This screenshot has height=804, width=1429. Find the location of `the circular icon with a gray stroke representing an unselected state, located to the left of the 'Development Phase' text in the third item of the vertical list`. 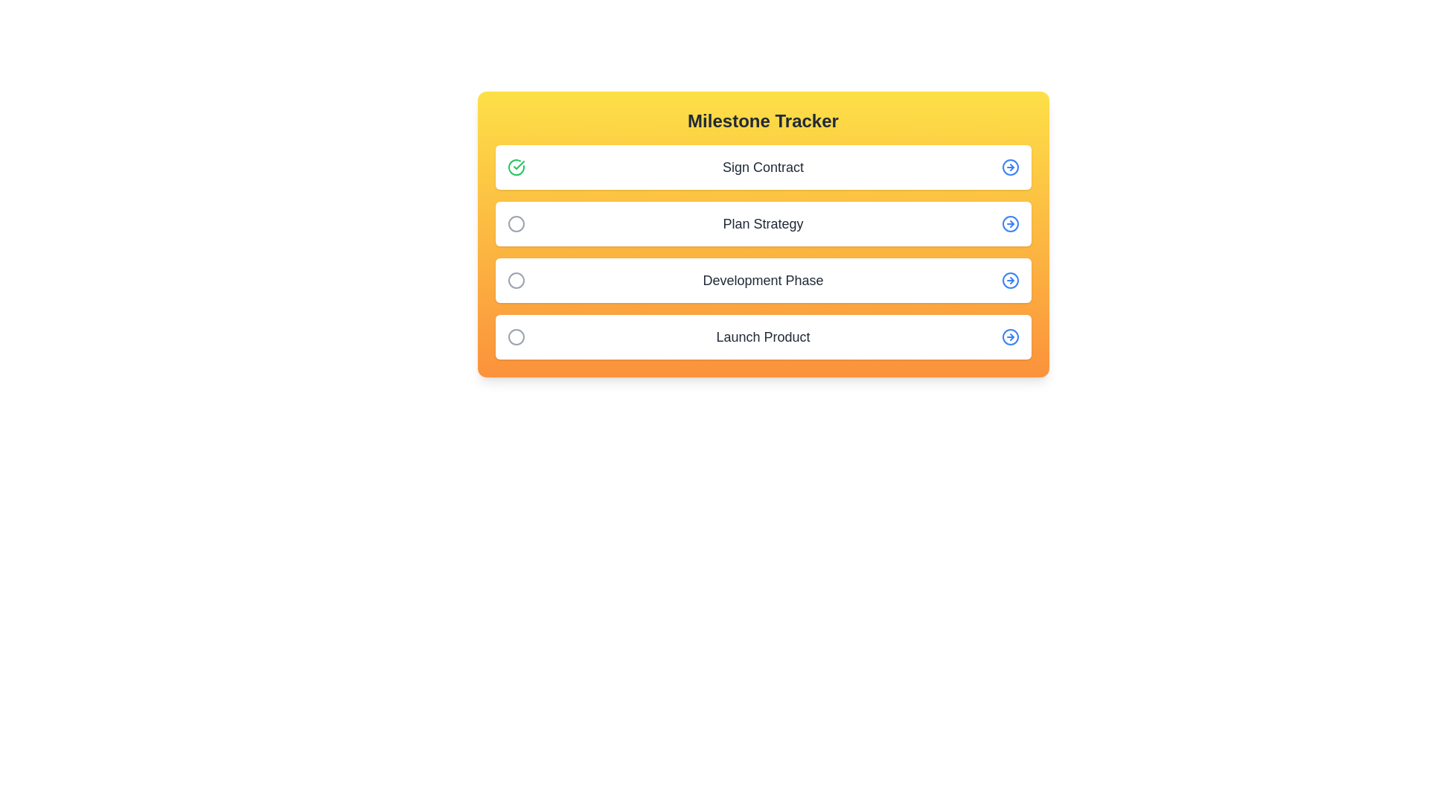

the circular icon with a gray stroke representing an unselected state, located to the left of the 'Development Phase' text in the third item of the vertical list is located at coordinates (516, 281).